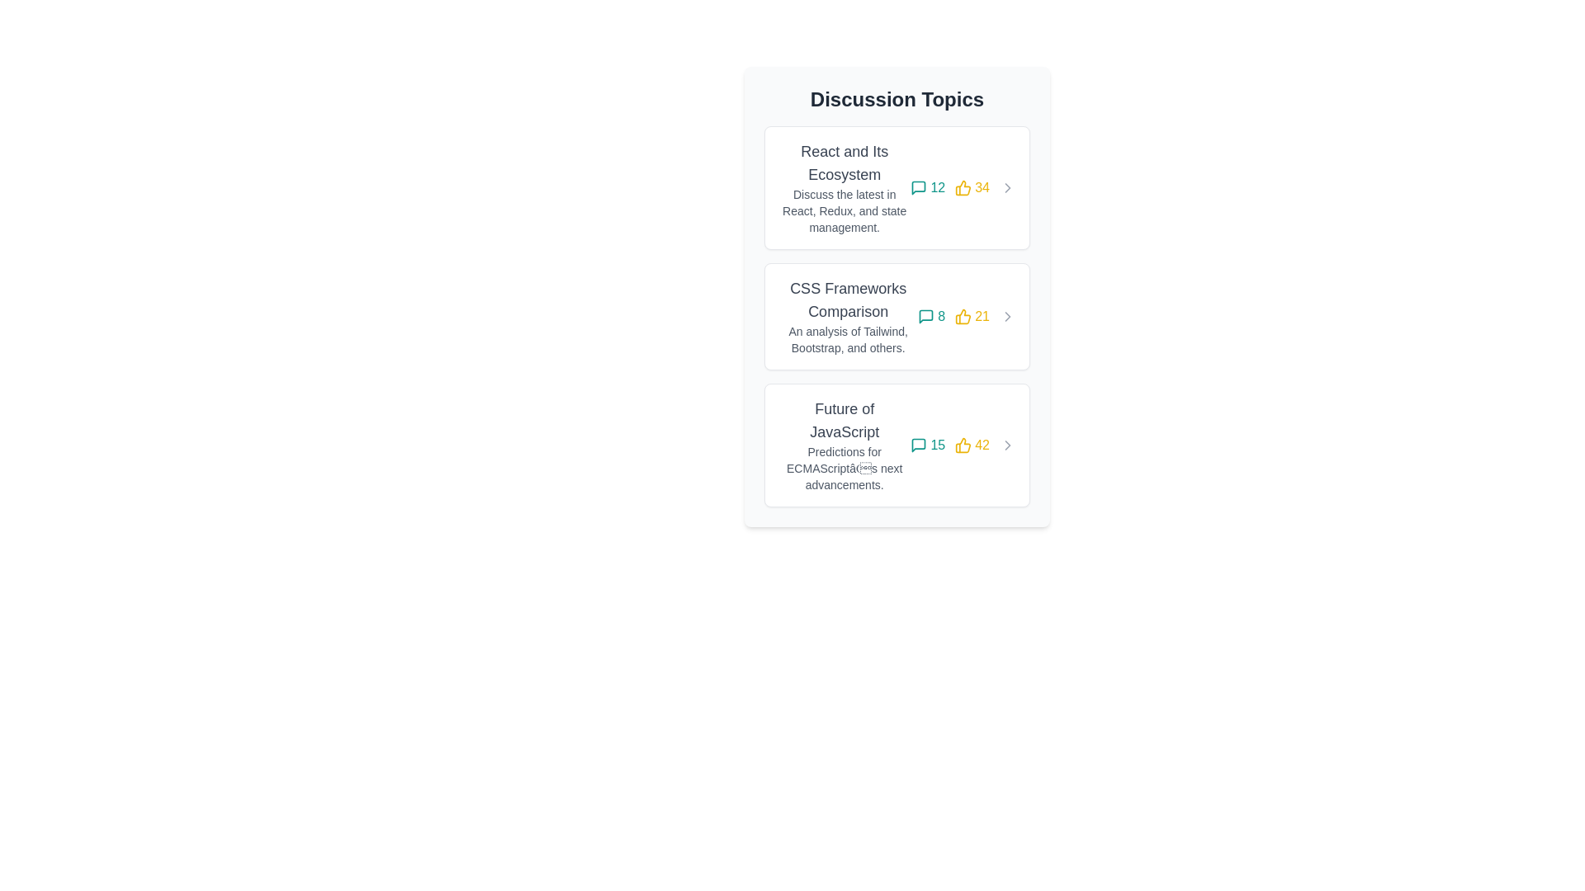  Describe the element at coordinates (926, 317) in the screenshot. I see `the speech bubble-shaped icon indicating comments` at that location.